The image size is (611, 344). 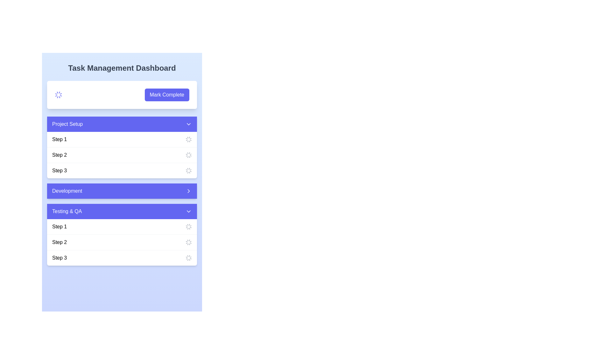 I want to click on the right-pointing arrow icon located inside the collapsible header labeled 'Development', so click(x=188, y=191).